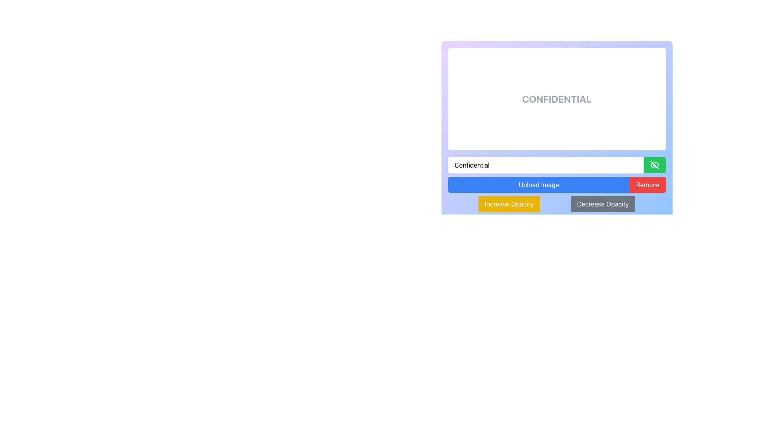  What do you see at coordinates (509, 204) in the screenshot?
I see `the 'Increase Opacity' button located on the lower part of the interface, positioned to the left of the 'Decrease Opacity' button` at bounding box center [509, 204].